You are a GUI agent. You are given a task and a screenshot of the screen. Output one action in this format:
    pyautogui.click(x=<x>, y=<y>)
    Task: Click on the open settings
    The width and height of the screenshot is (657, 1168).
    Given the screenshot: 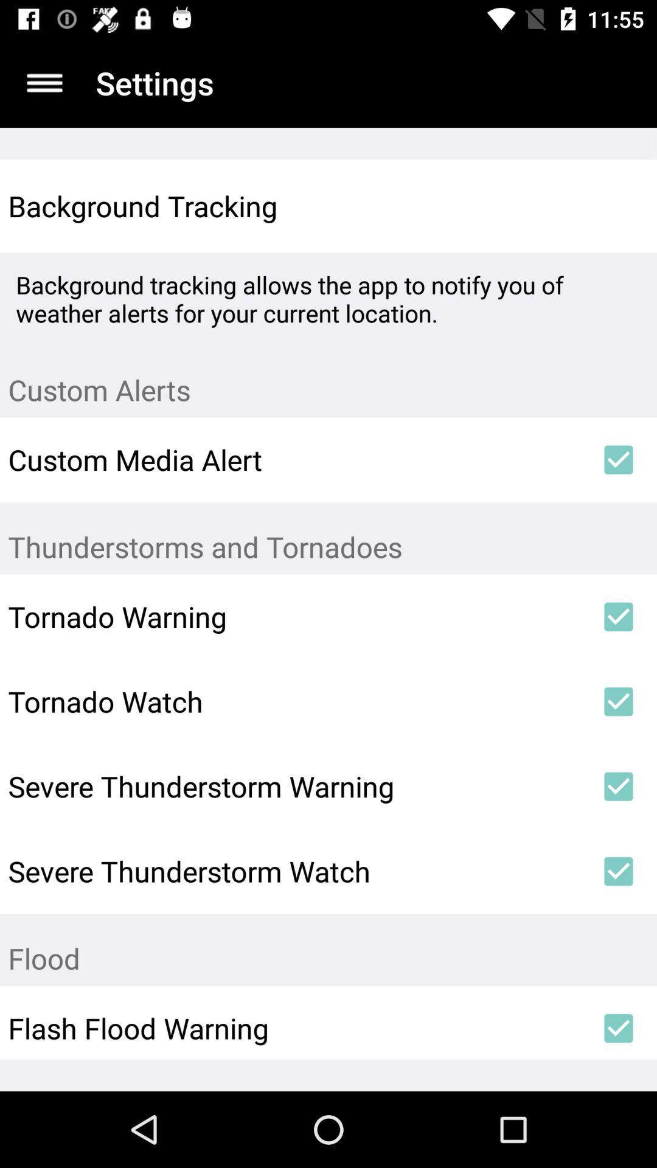 What is the action you would take?
    pyautogui.click(x=44, y=82)
    